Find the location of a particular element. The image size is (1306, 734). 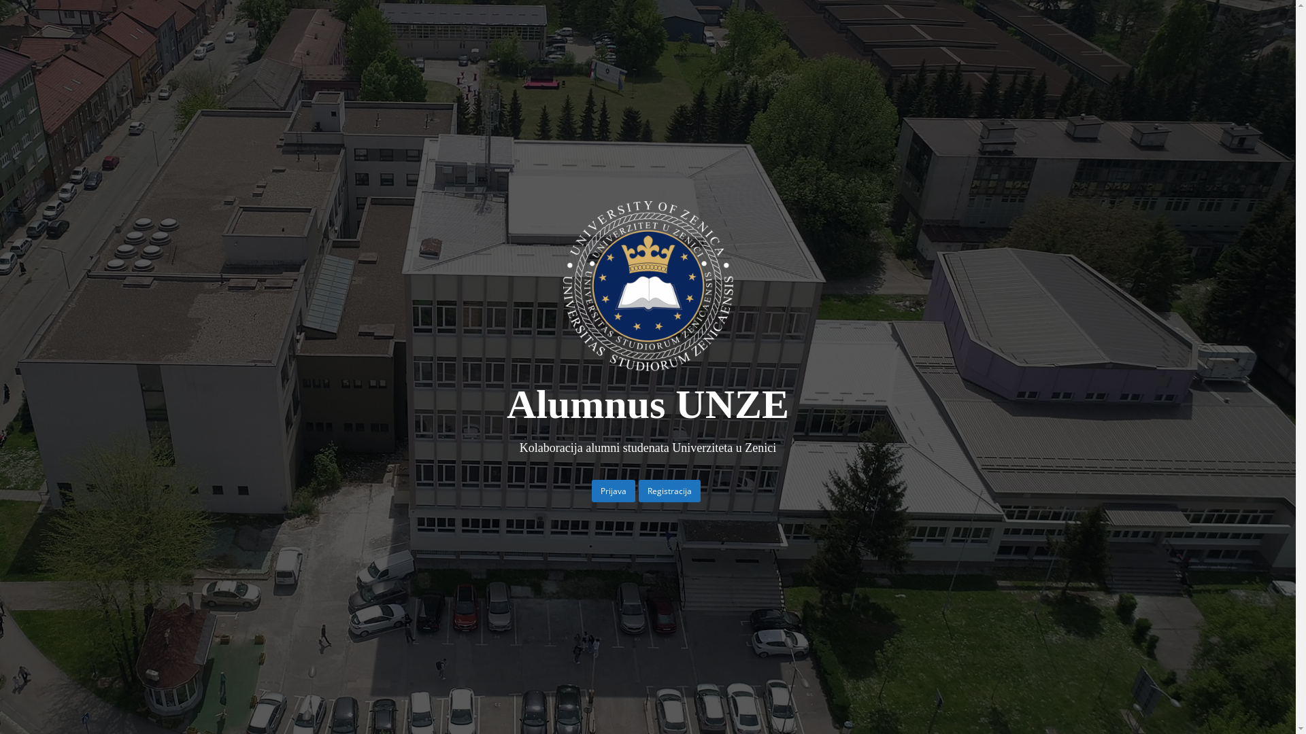

'Registracija' is located at coordinates (638, 491).